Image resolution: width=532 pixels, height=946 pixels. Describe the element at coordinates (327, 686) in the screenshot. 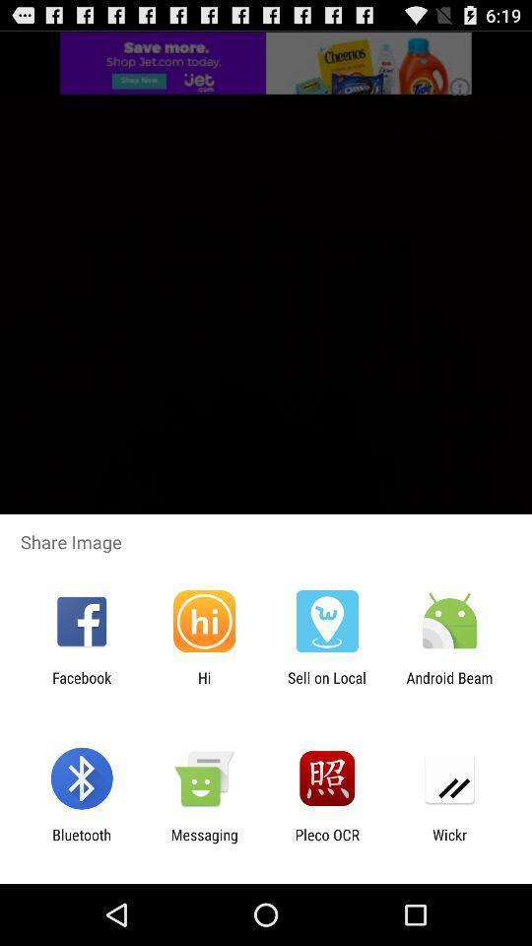

I see `icon to the right of the hi icon` at that location.